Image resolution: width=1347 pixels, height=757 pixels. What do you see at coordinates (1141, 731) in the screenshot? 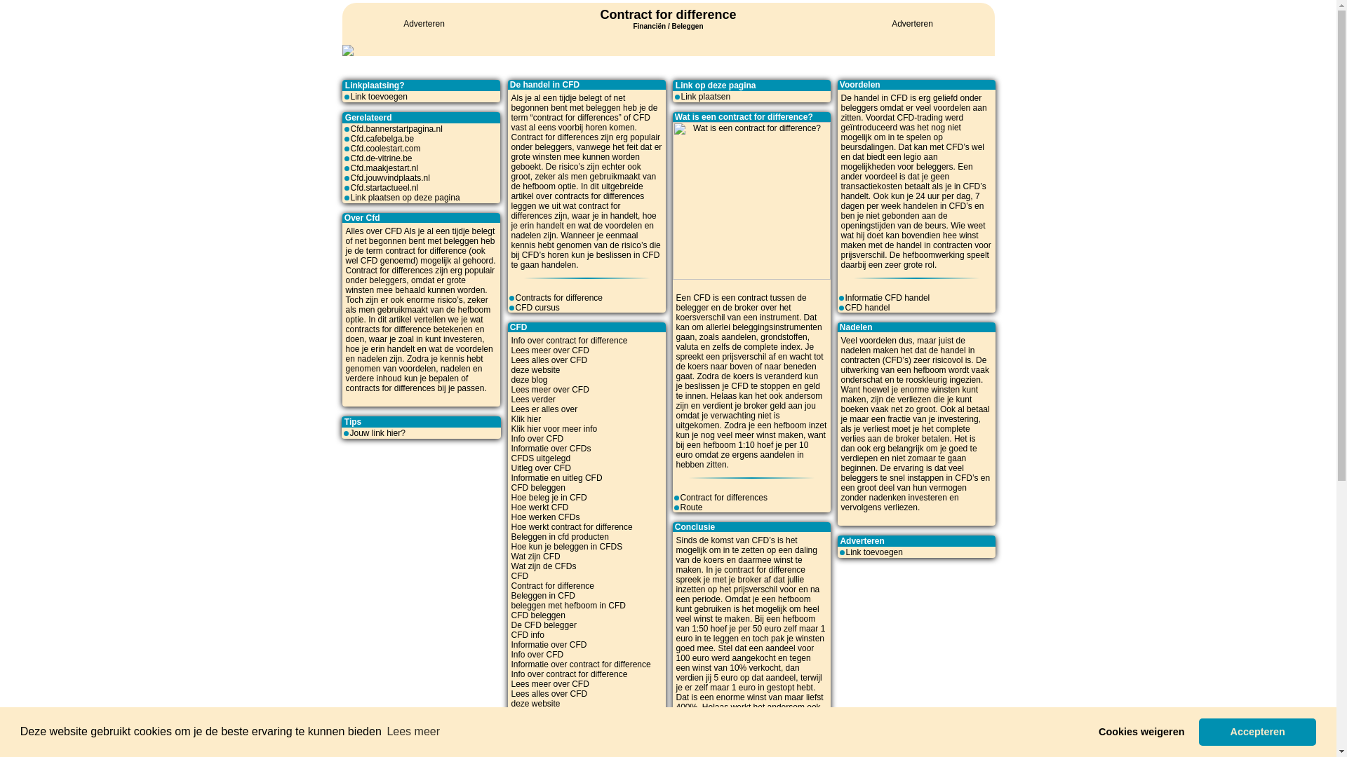
I see `'Cookies weigeren'` at bounding box center [1141, 731].